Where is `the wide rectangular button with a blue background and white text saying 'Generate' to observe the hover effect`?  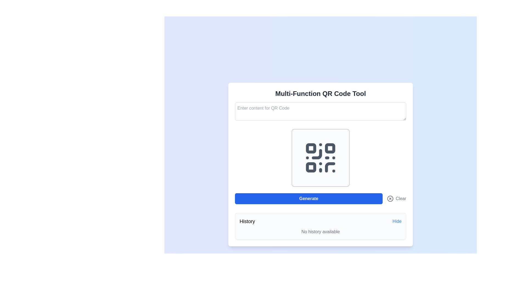 the wide rectangular button with a blue background and white text saying 'Generate' to observe the hover effect is located at coordinates (309, 198).